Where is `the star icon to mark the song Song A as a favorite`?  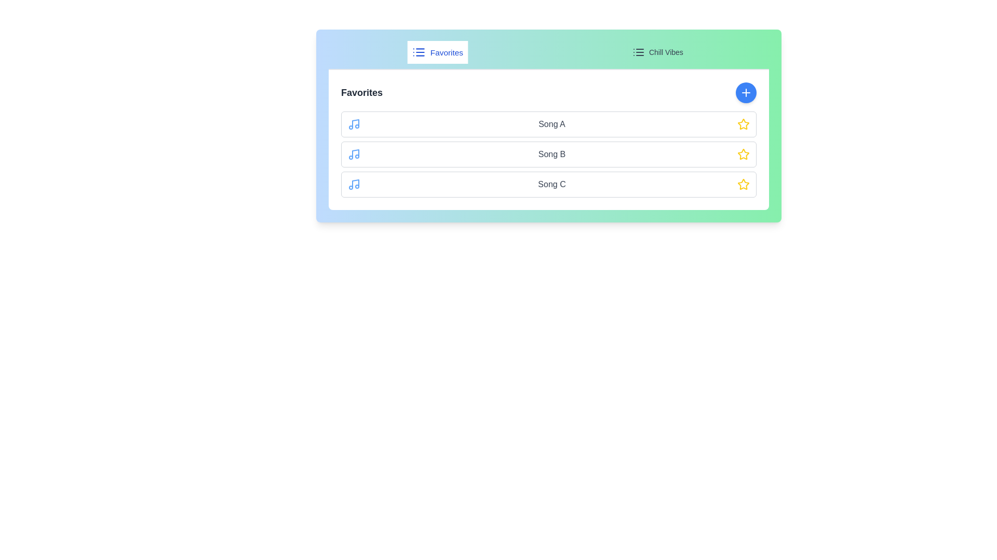 the star icon to mark the song Song A as a favorite is located at coordinates (743, 123).